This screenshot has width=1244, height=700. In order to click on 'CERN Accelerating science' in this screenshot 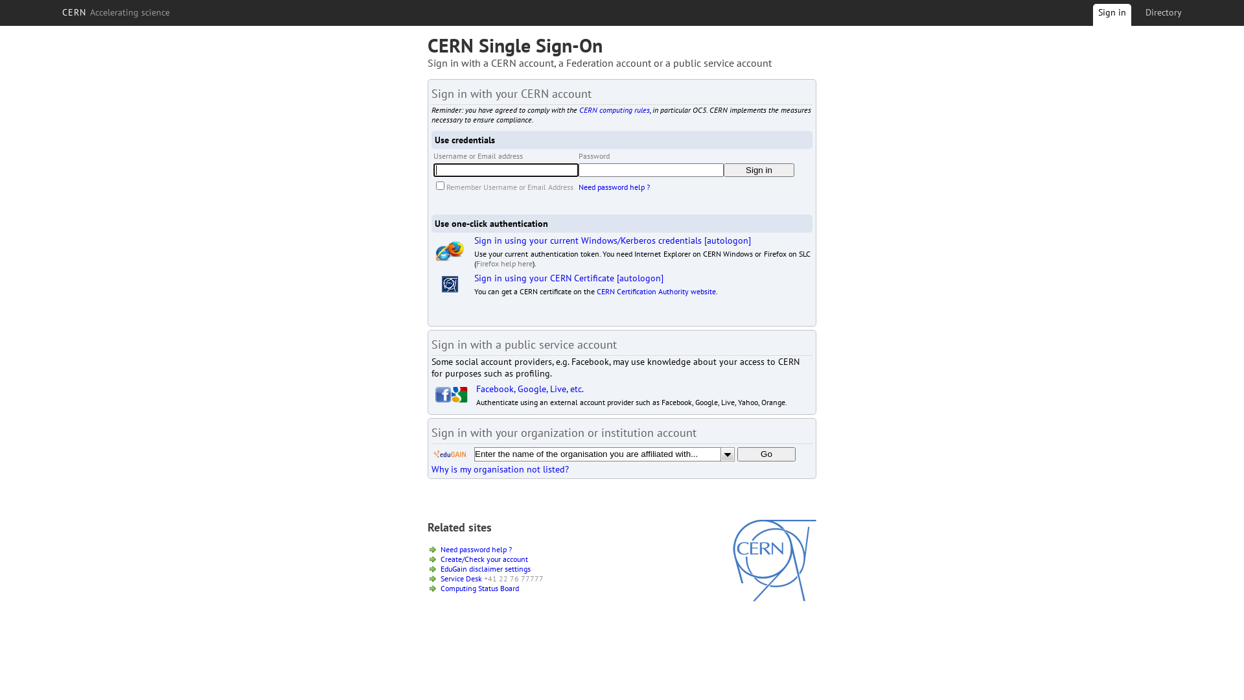, I will do `click(56, 12)`.